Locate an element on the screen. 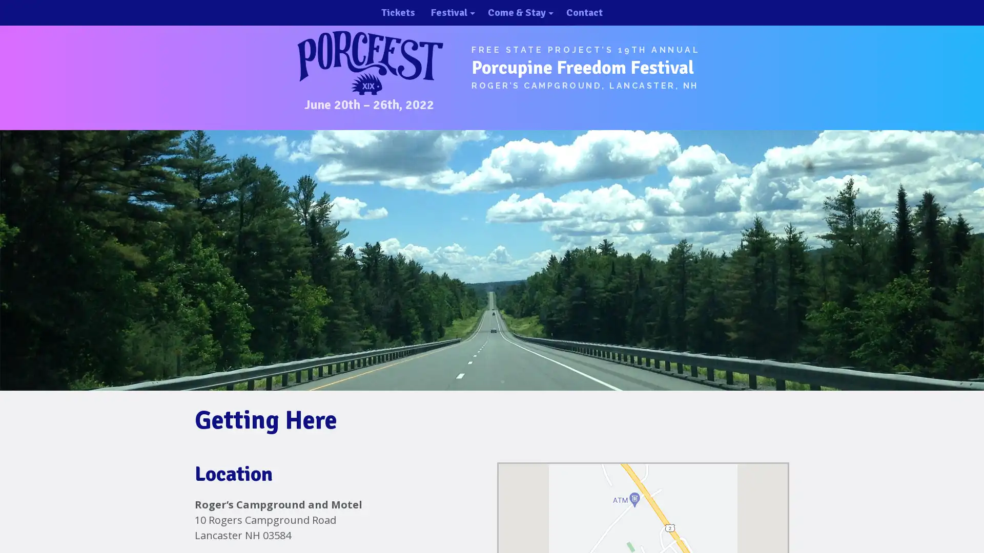 This screenshot has height=553, width=984. close is located at coordinates (951, 41).